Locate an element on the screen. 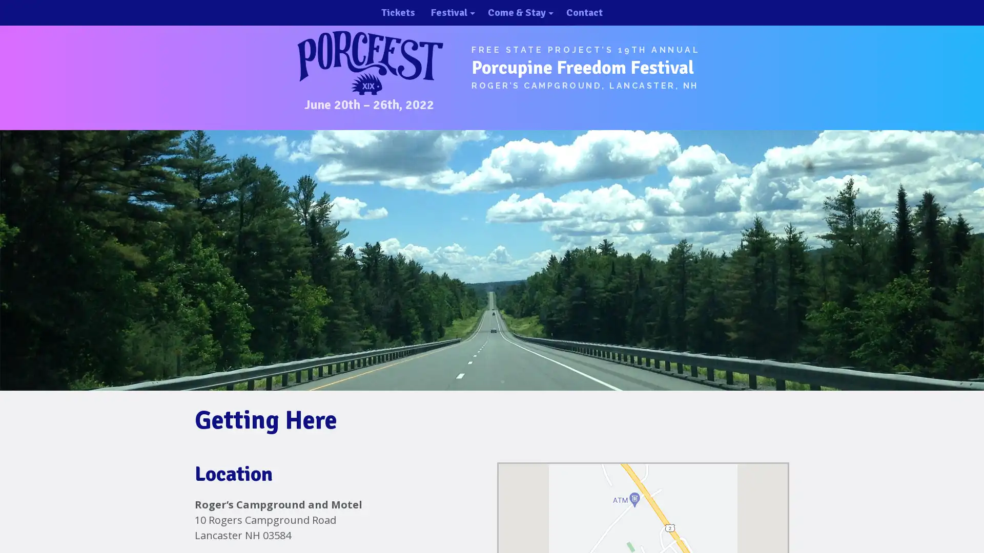 This screenshot has height=553, width=984. close is located at coordinates (951, 41).